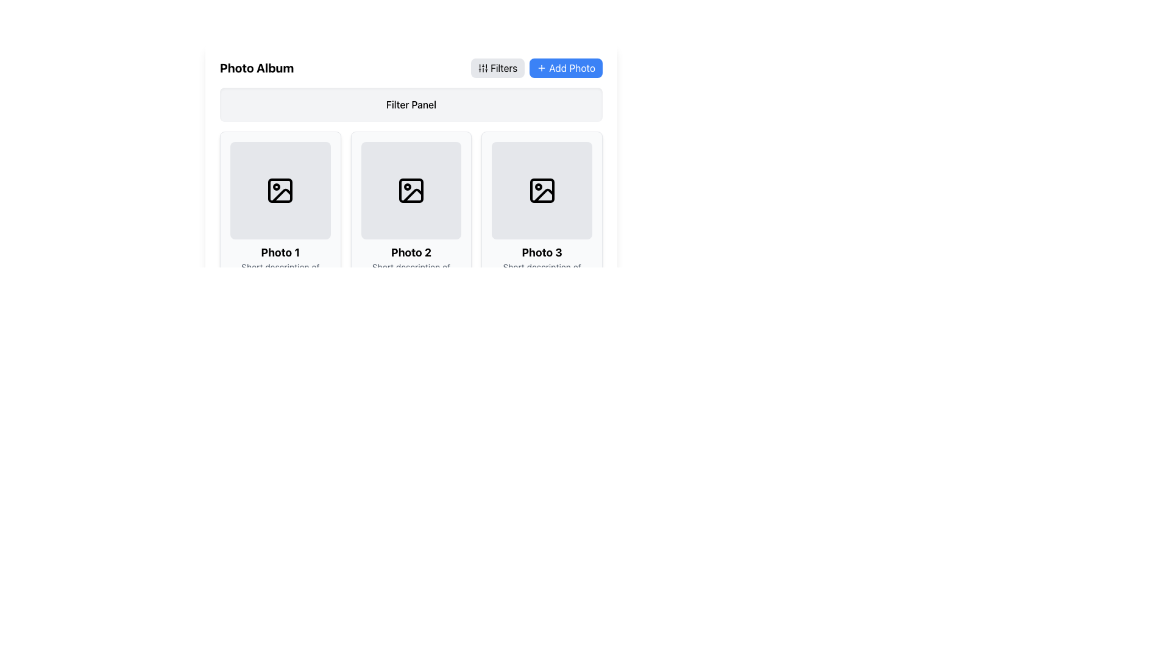 The height and width of the screenshot is (658, 1170). I want to click on the icon representing an image placeholder located, so click(411, 190).